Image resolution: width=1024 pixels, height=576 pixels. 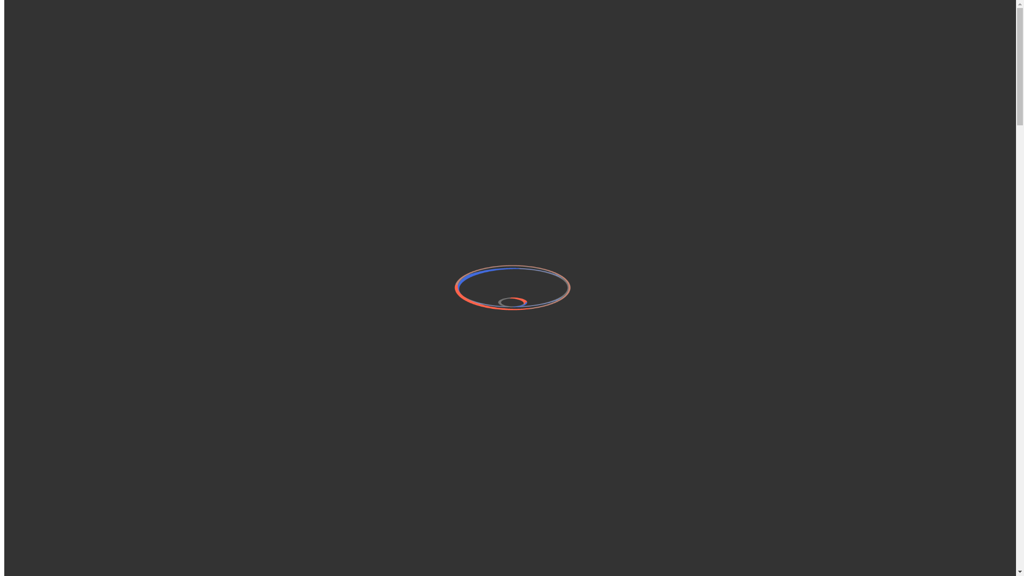 What do you see at coordinates (4, 11) in the screenshot?
I see `'Skip to main content'` at bounding box center [4, 11].